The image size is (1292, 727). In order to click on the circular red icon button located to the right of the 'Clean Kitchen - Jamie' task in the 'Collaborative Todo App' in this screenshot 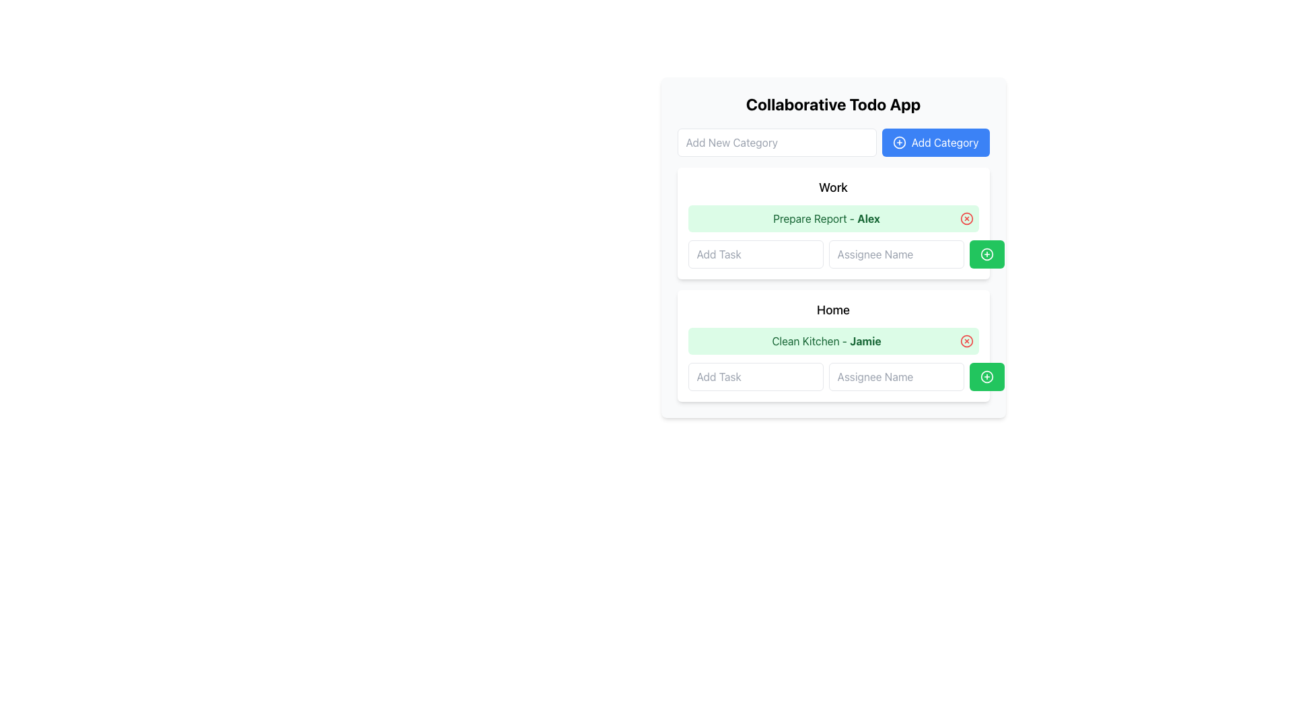, I will do `click(966, 340)`.